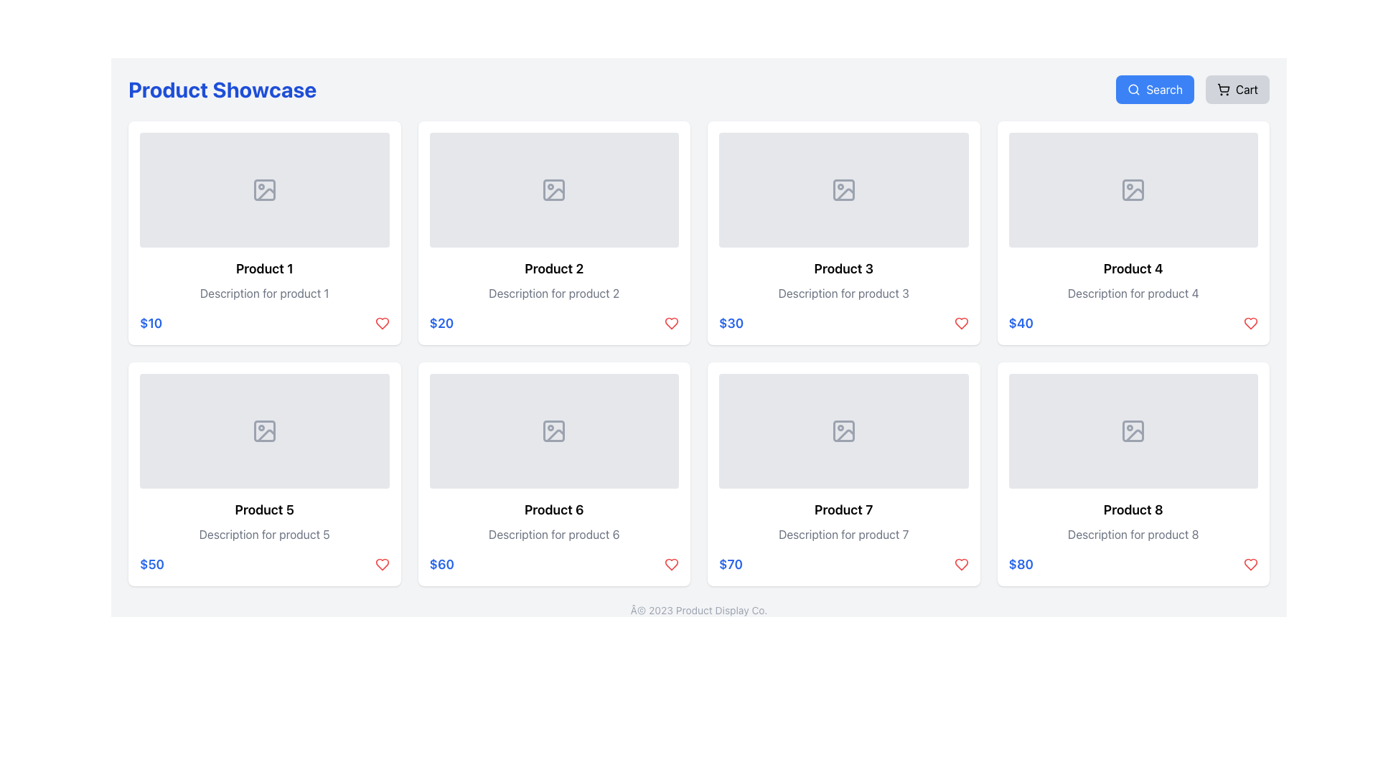  What do you see at coordinates (264, 431) in the screenshot?
I see `the icon representing a missing image located in the top section of the 'Product 5' card within the product showcase grid` at bounding box center [264, 431].